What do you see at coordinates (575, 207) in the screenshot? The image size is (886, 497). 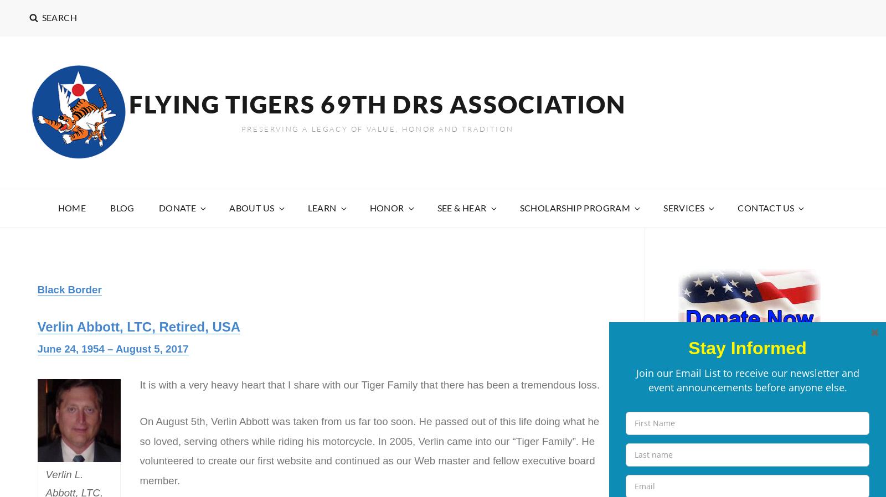 I see `'SCHOLARSHIP PROGRAM'` at bounding box center [575, 207].